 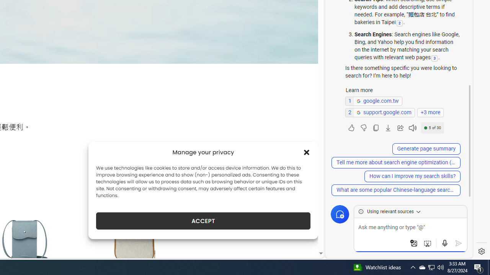 What do you see at coordinates (307, 152) in the screenshot?
I see `'Class: cmplz-close'` at bounding box center [307, 152].